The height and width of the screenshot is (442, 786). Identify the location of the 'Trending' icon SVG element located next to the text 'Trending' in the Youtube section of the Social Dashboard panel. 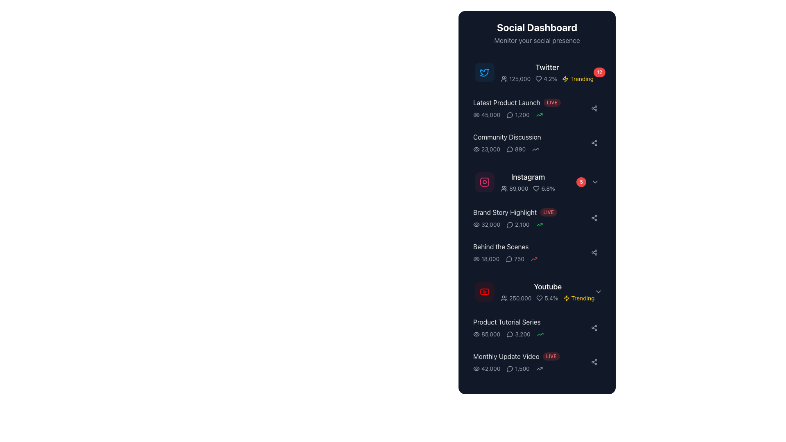
(566, 298).